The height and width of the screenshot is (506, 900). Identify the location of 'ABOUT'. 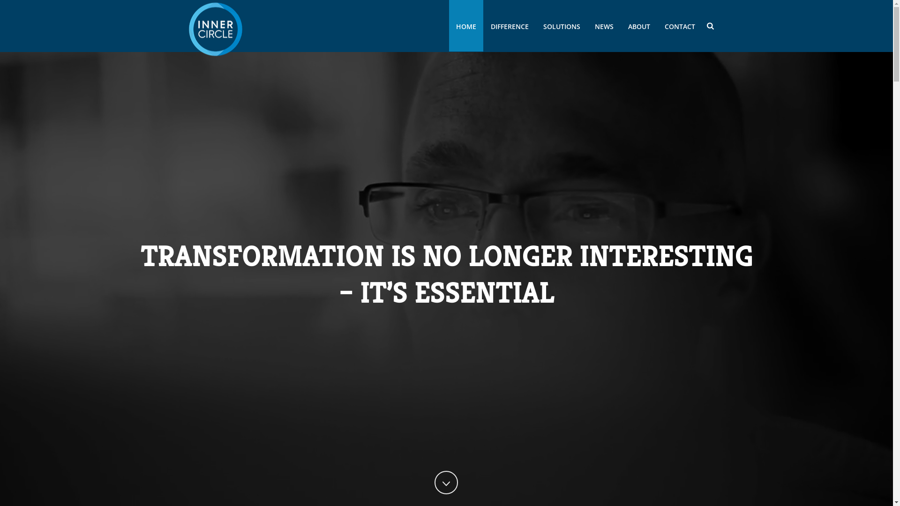
(638, 25).